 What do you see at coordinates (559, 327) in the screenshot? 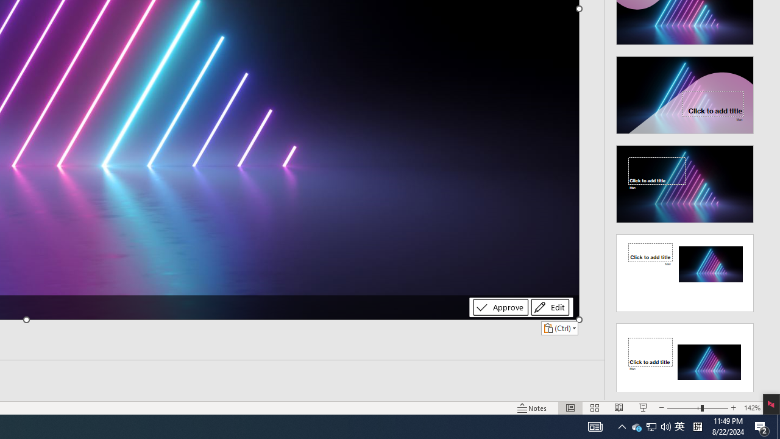
I see `'Action: Paste alternatives'` at bounding box center [559, 327].